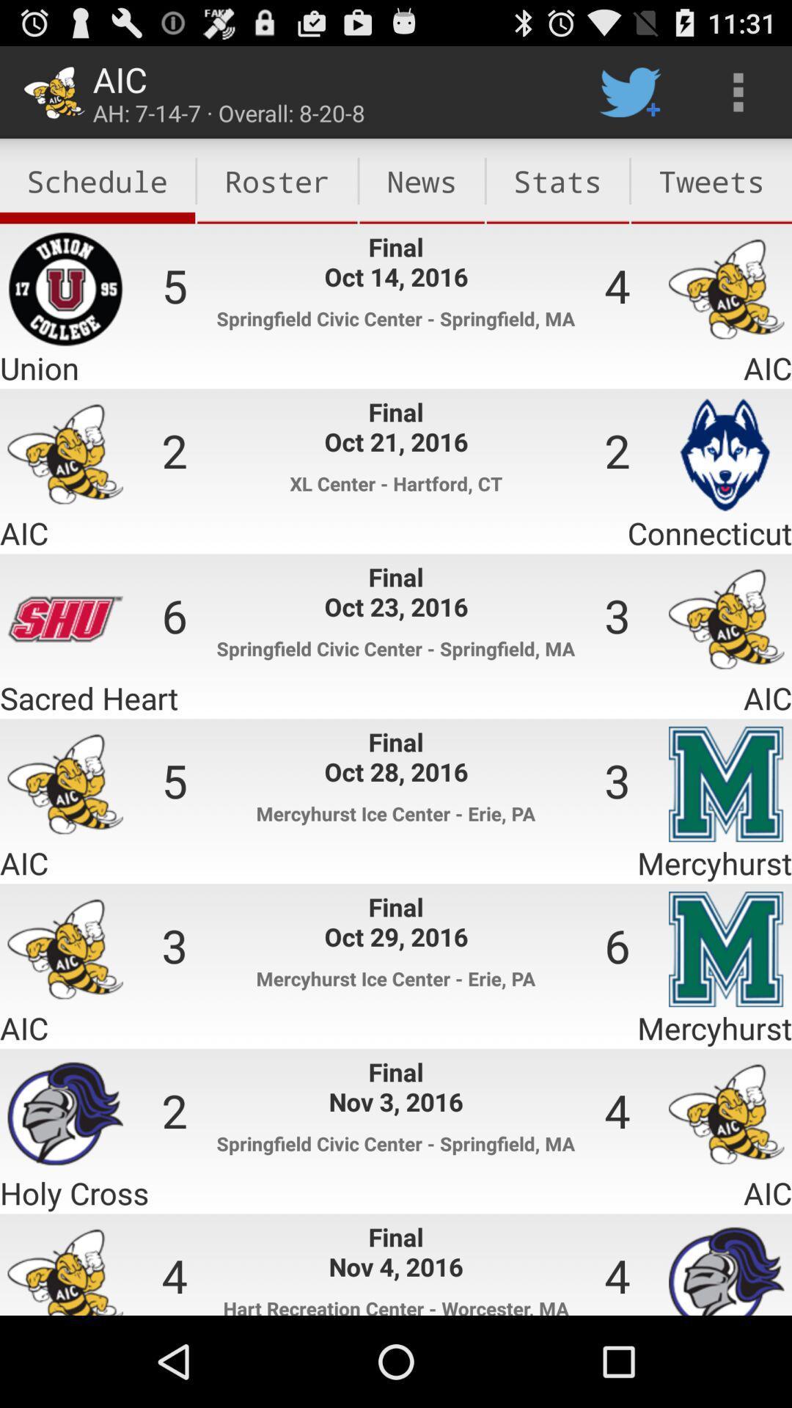 The width and height of the screenshot is (792, 1408). Describe the element at coordinates (277, 180) in the screenshot. I see `item above final oct 14 app` at that location.